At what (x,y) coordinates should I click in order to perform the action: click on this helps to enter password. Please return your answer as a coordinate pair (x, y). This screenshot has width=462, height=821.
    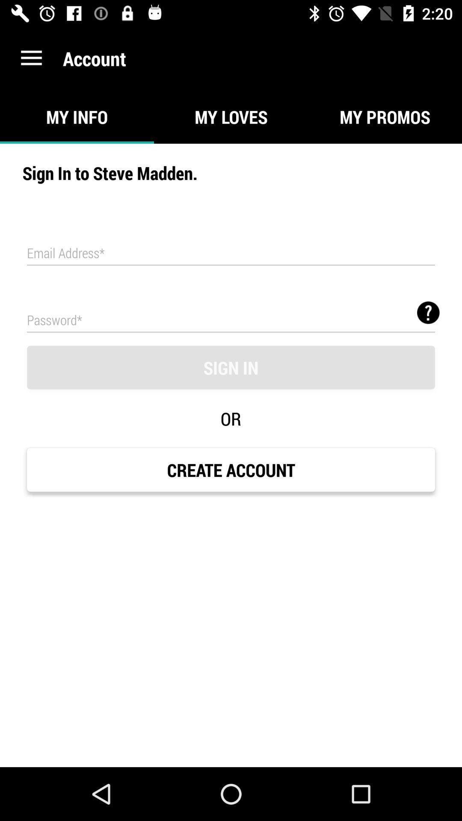
    Looking at the image, I should click on (231, 319).